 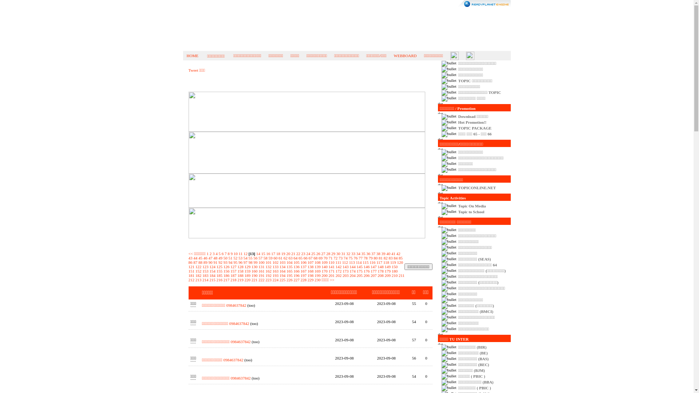 I want to click on '202', so click(x=338, y=275).